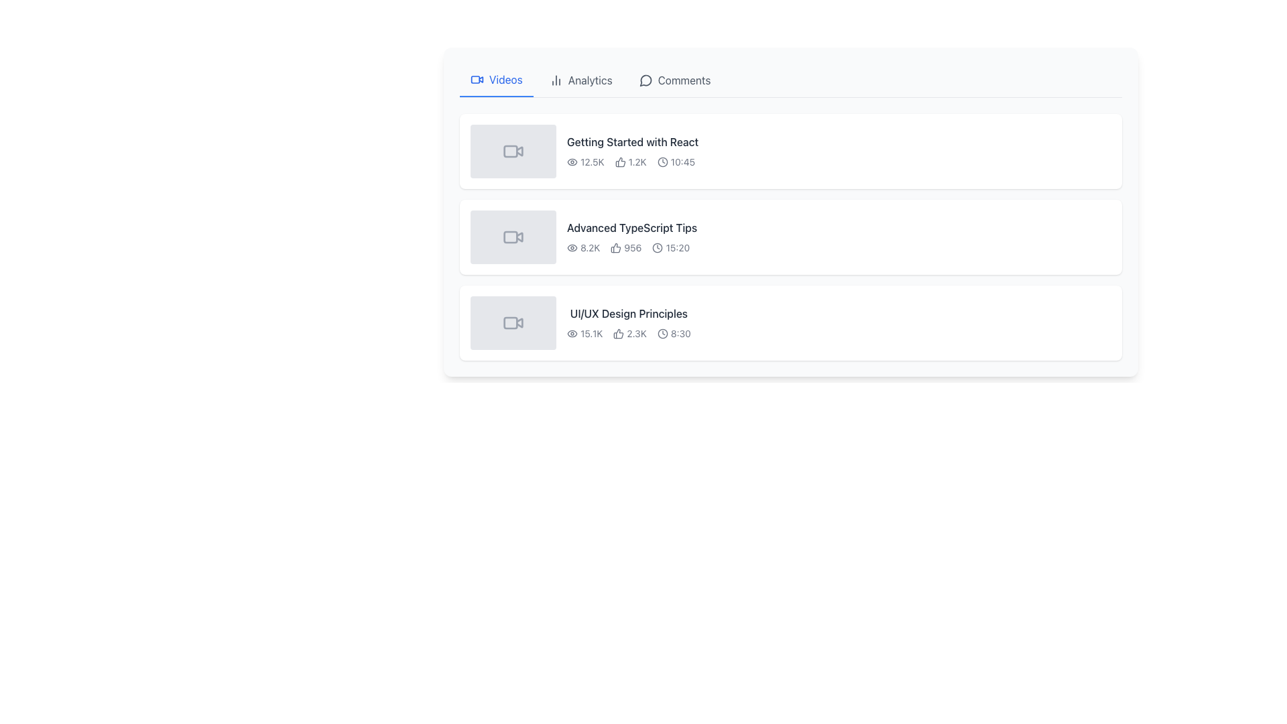 The image size is (1287, 724). I want to click on the 'Analytics' navigation button, which is the second item in the horizontal menu bar, so click(580, 80).